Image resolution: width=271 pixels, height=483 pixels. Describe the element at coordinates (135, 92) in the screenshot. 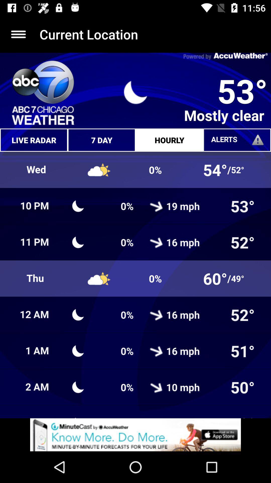

I see `the symbol which is to the immediate left of 53 degrees` at that location.